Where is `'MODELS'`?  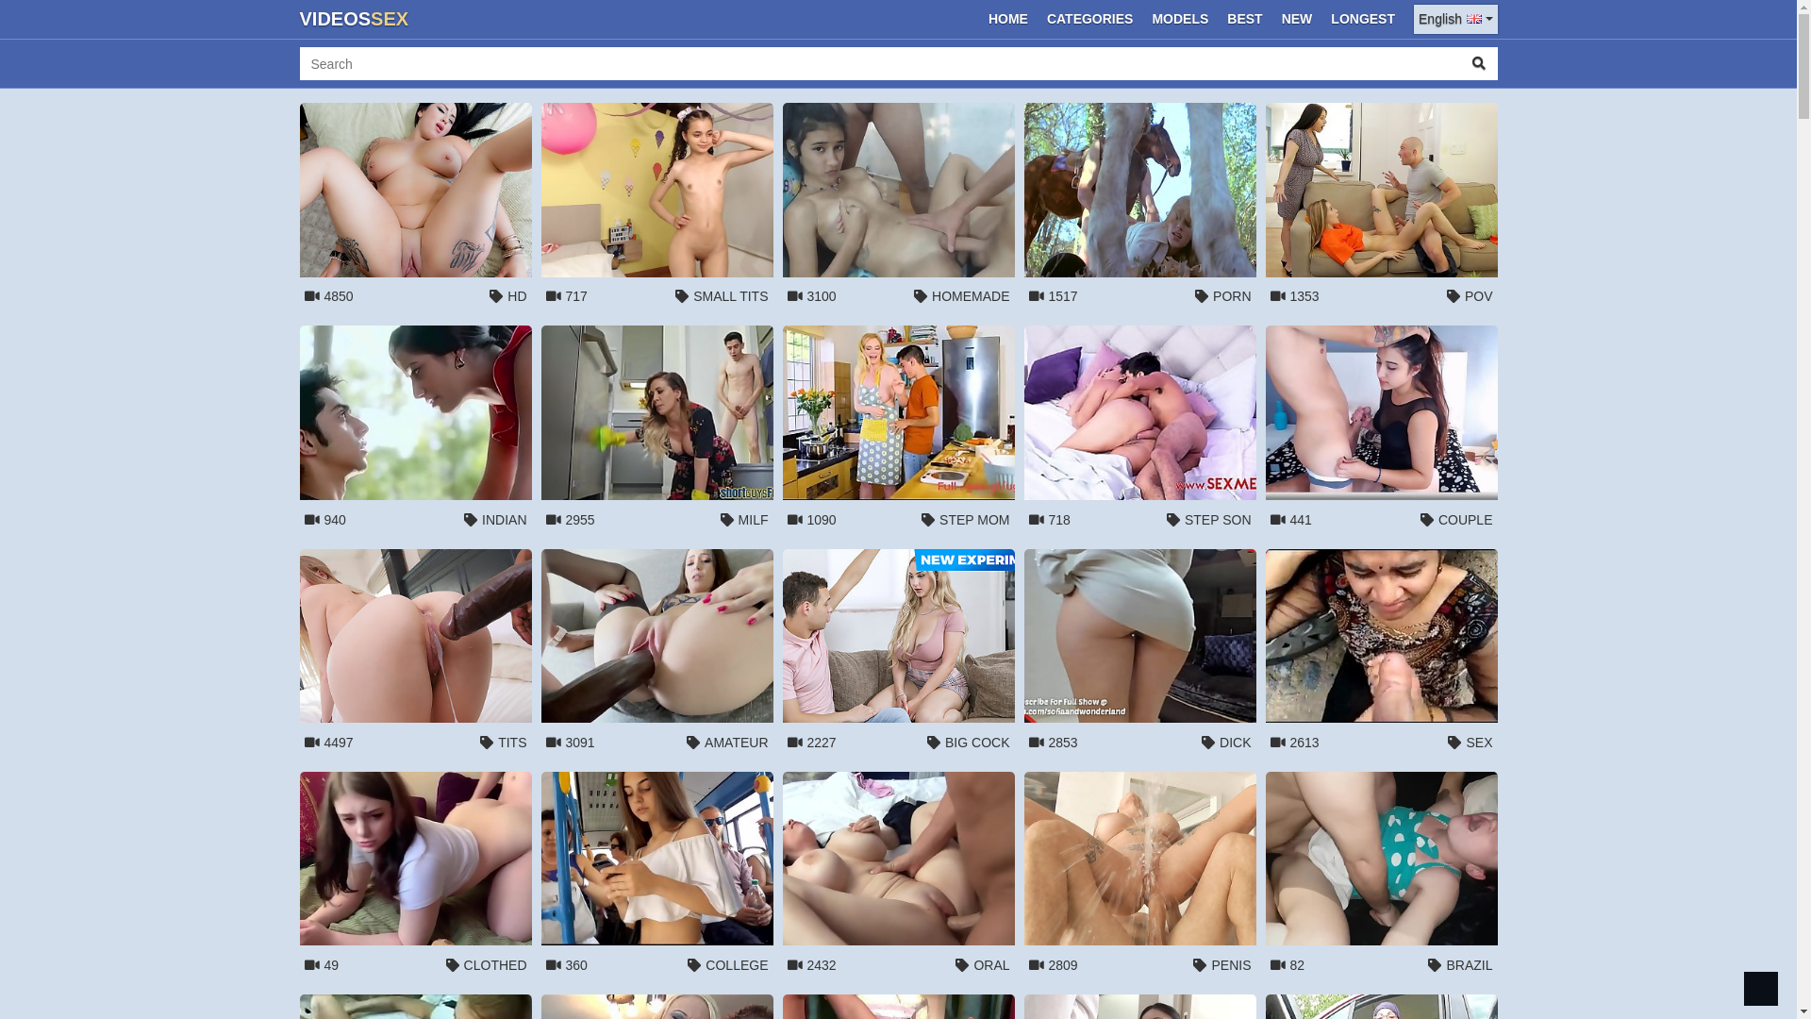 'MODELS' is located at coordinates (1179, 19).